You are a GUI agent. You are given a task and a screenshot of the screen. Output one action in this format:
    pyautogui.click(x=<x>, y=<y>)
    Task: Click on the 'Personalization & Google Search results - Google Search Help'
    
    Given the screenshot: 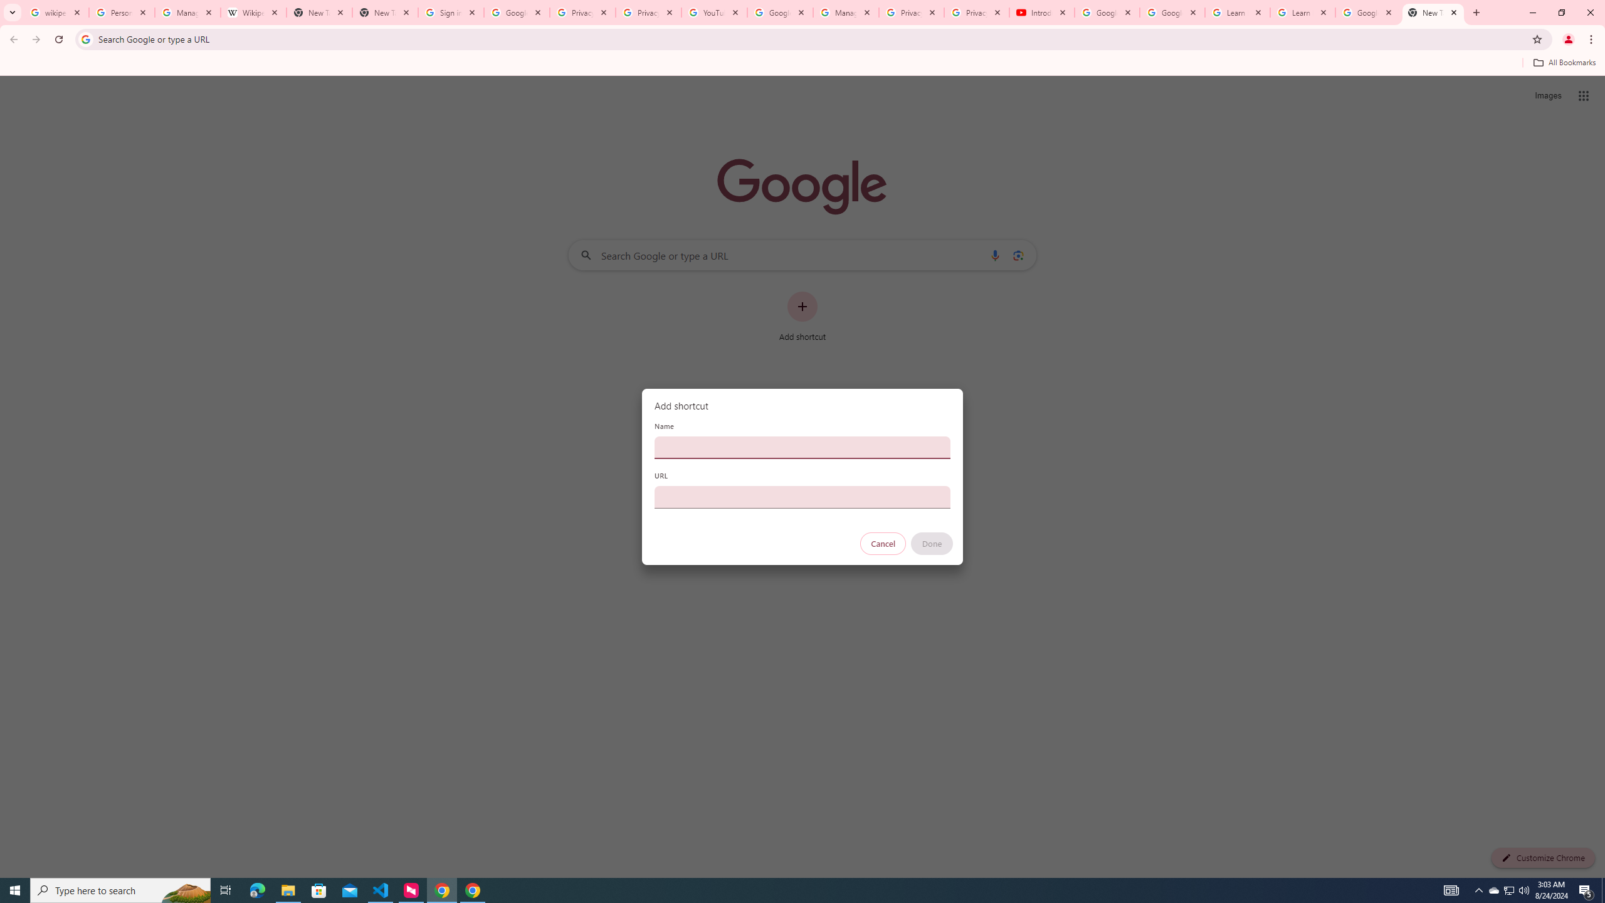 What is the action you would take?
    pyautogui.click(x=121, y=12)
    